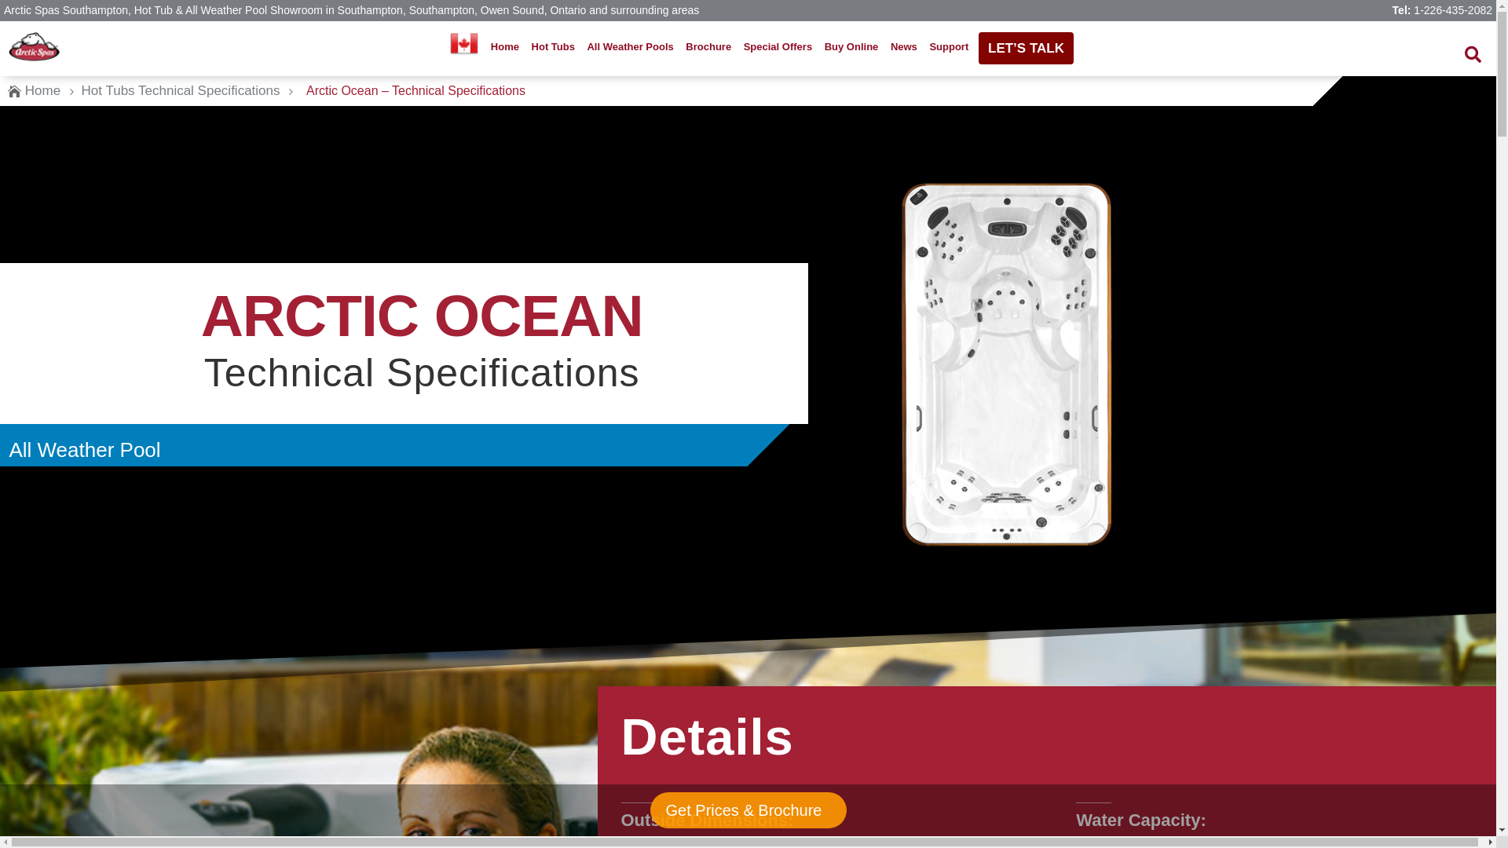 The image size is (1508, 848). I want to click on 'Home', so click(505, 46).